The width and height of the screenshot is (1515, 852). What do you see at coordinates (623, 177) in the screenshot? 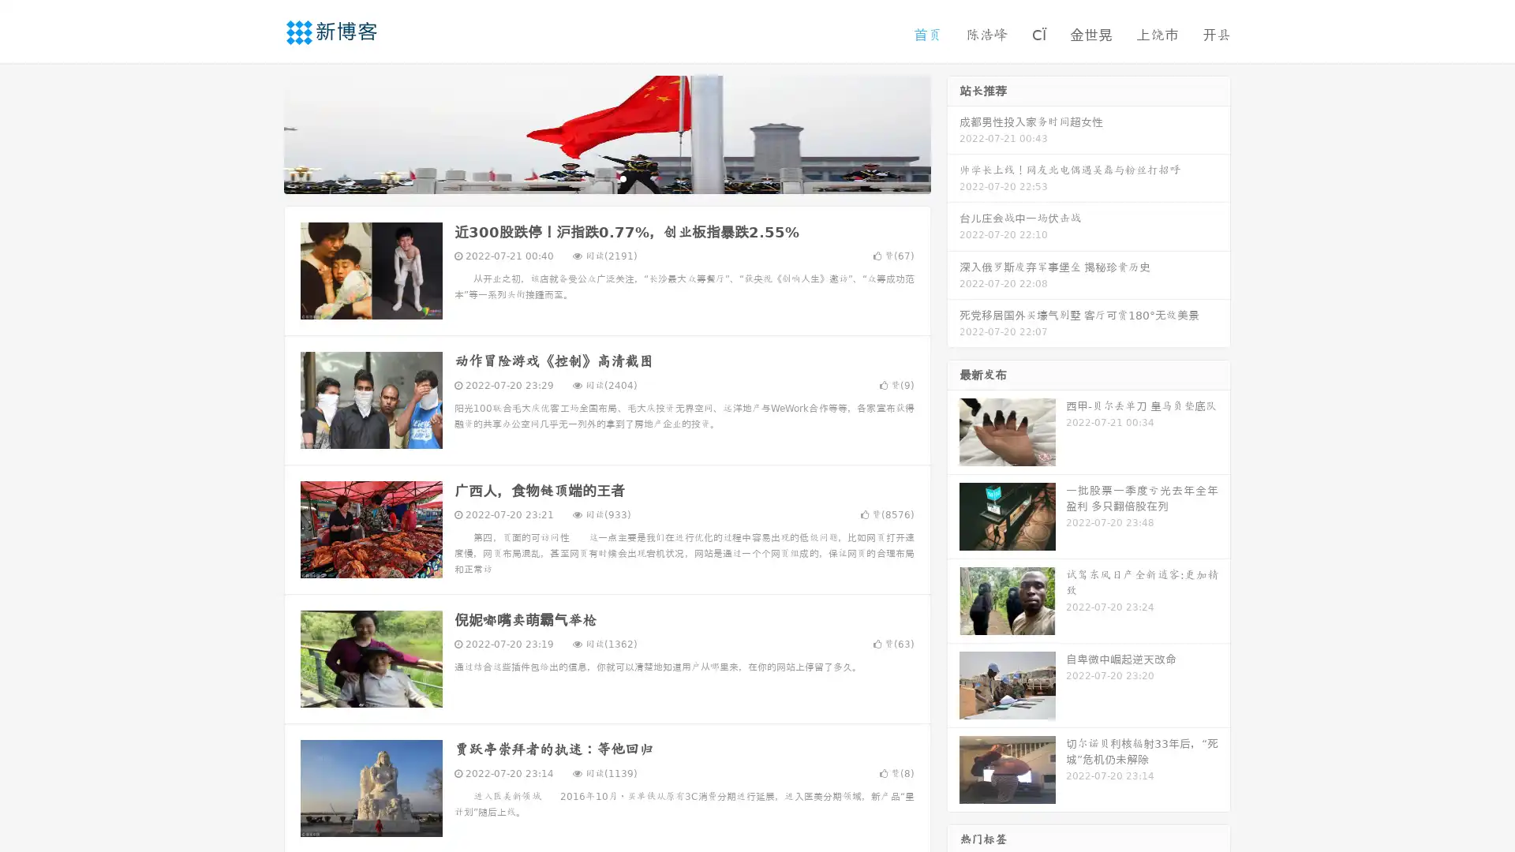
I see `Go to slide 3` at bounding box center [623, 177].